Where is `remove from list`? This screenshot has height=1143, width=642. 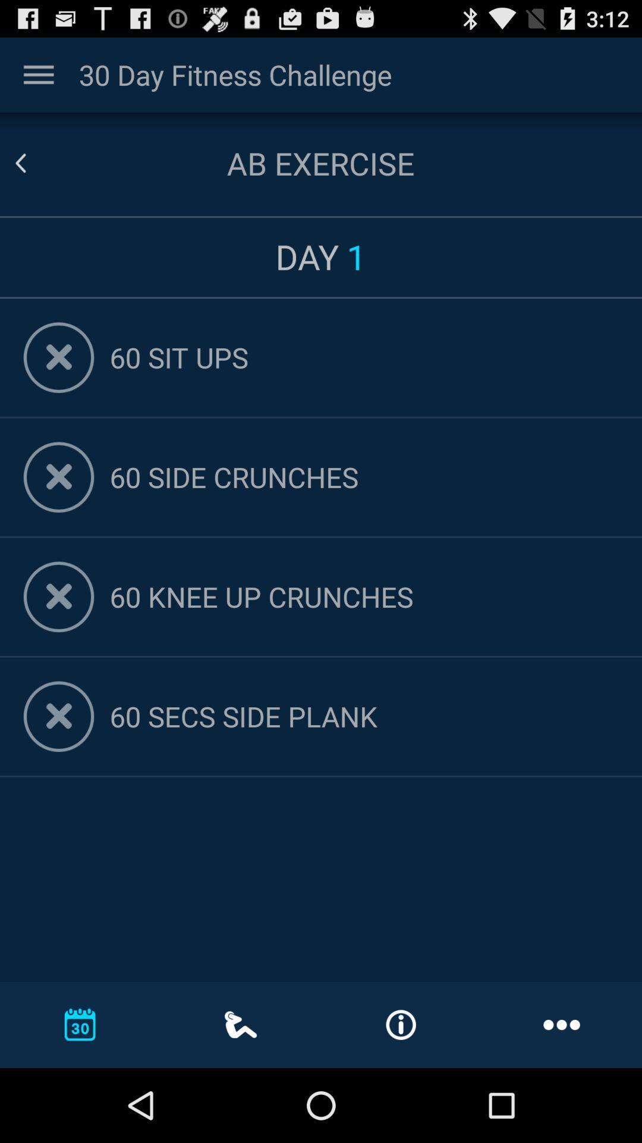
remove from list is located at coordinates (59, 357).